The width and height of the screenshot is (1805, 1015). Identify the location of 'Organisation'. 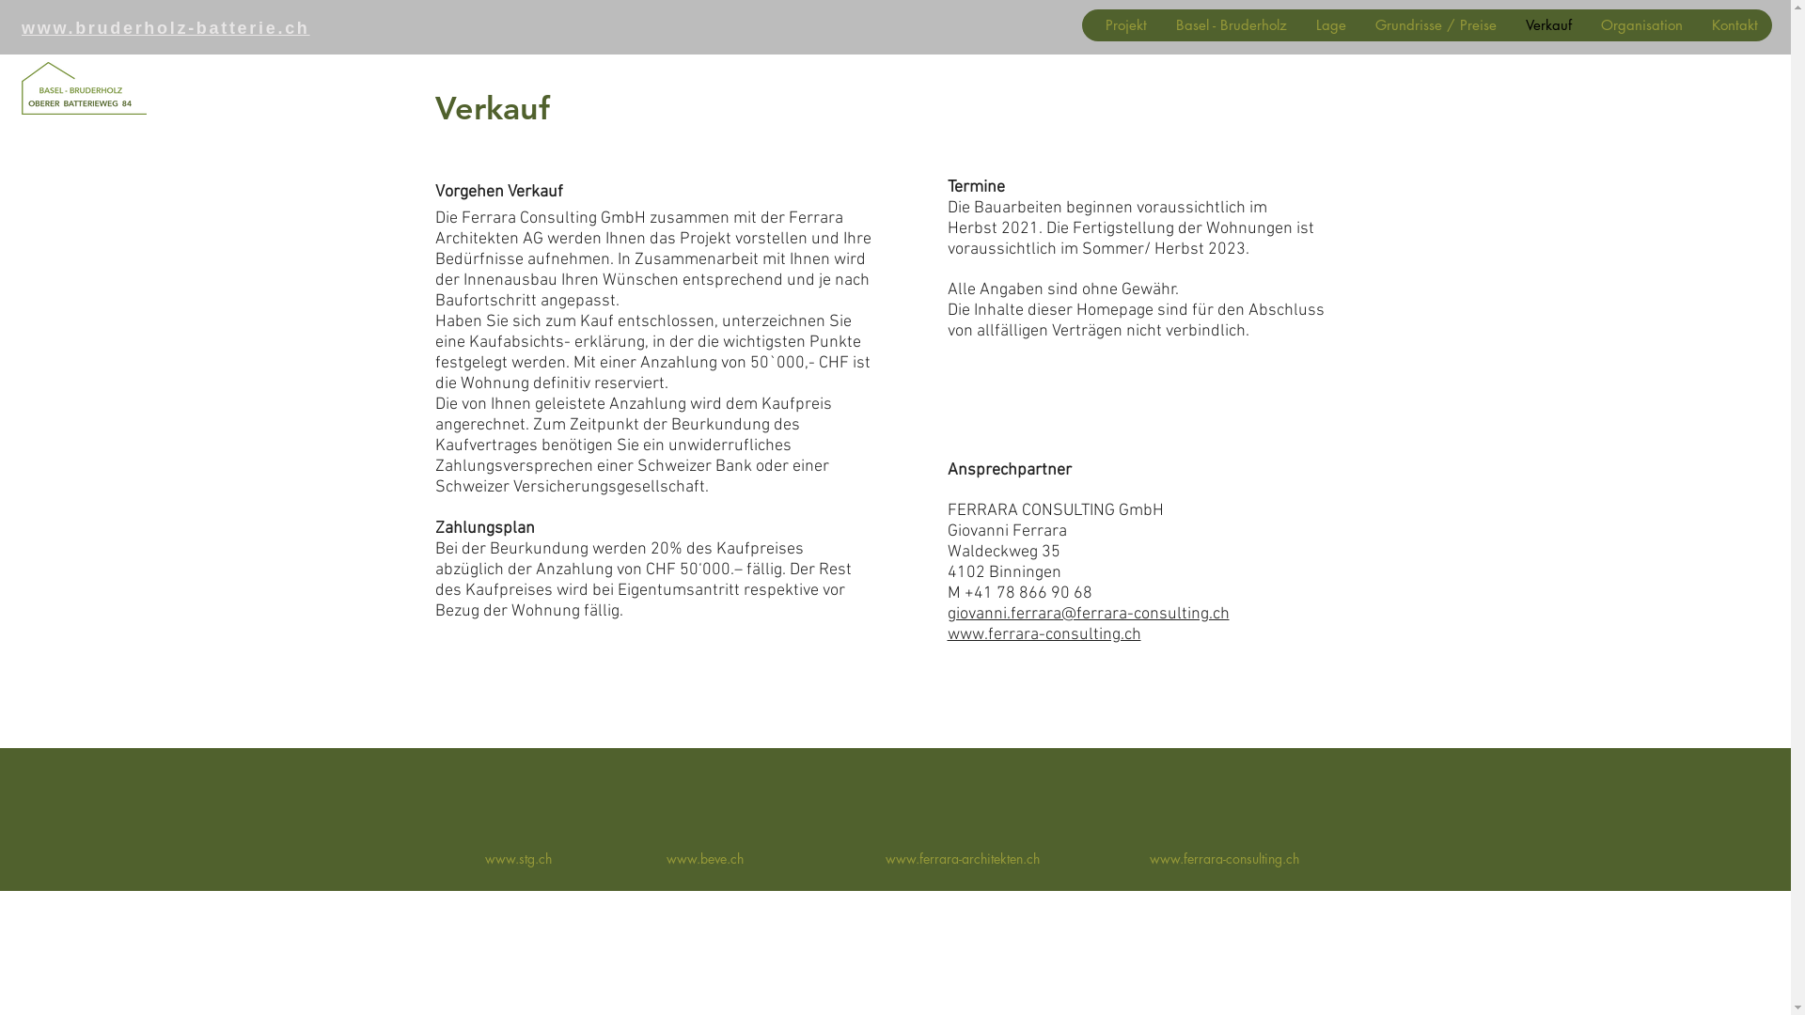
(1584, 25).